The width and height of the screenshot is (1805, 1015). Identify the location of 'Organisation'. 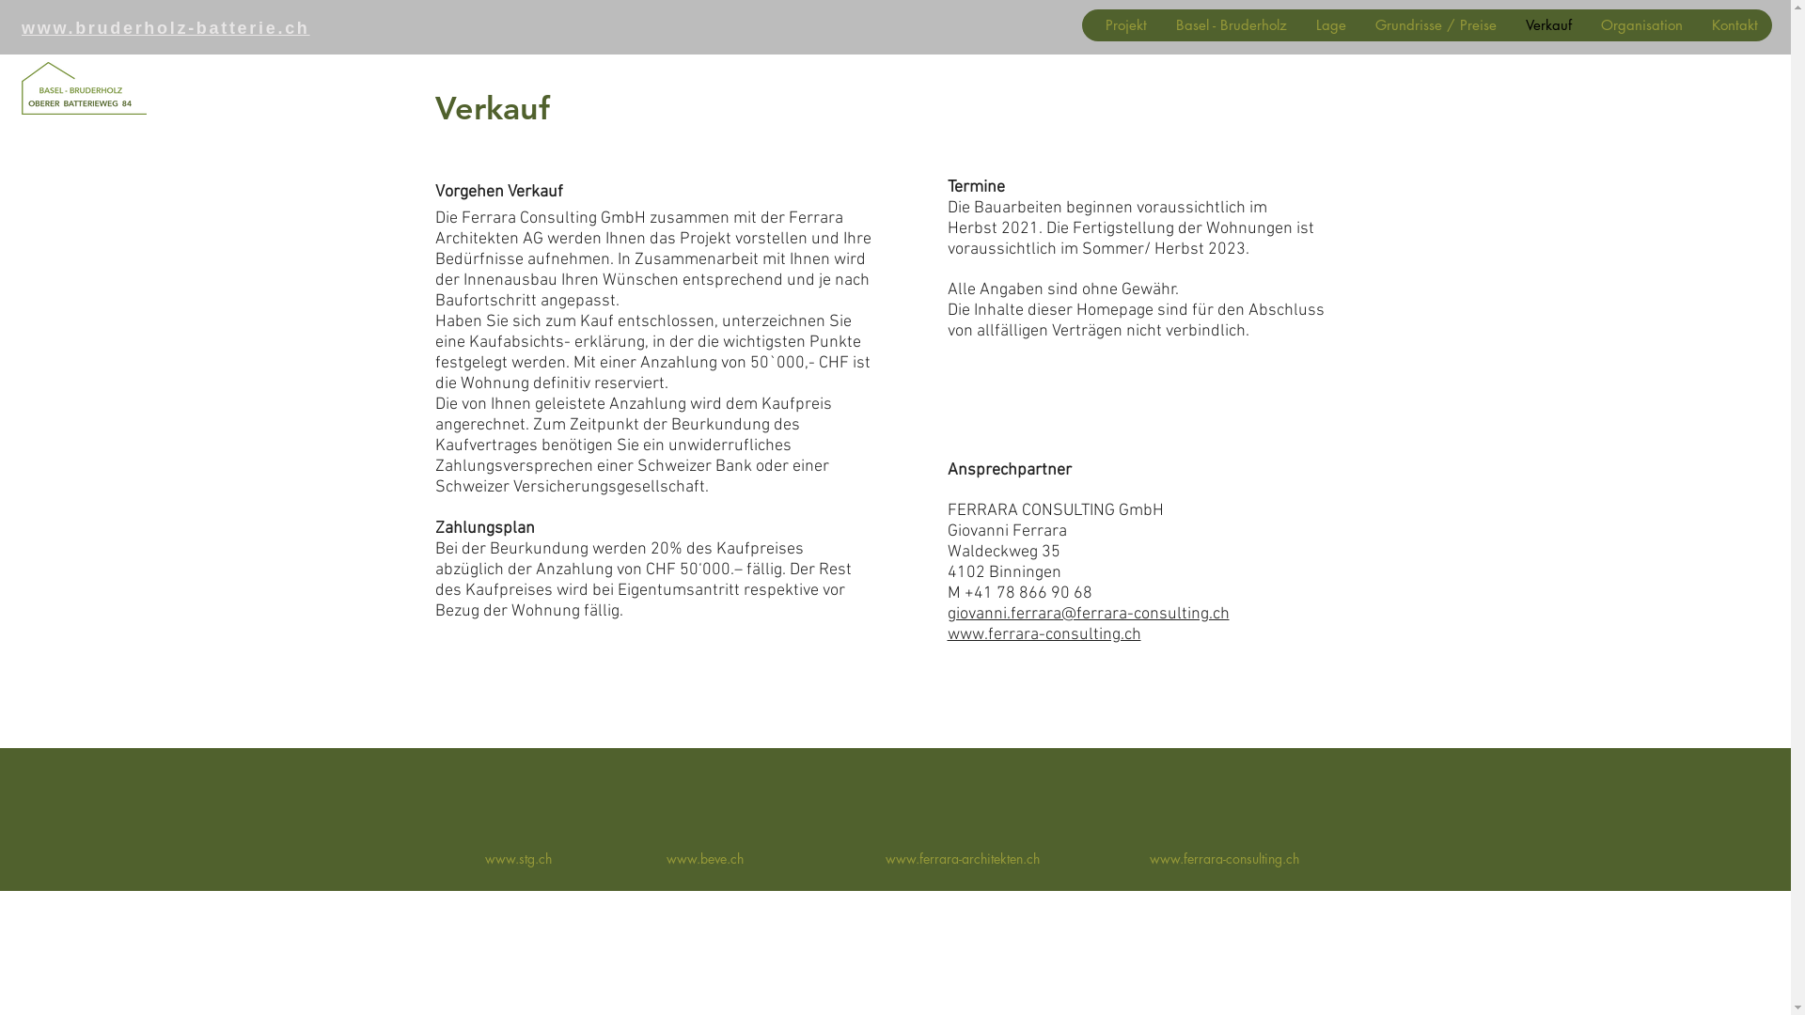
(1584, 25).